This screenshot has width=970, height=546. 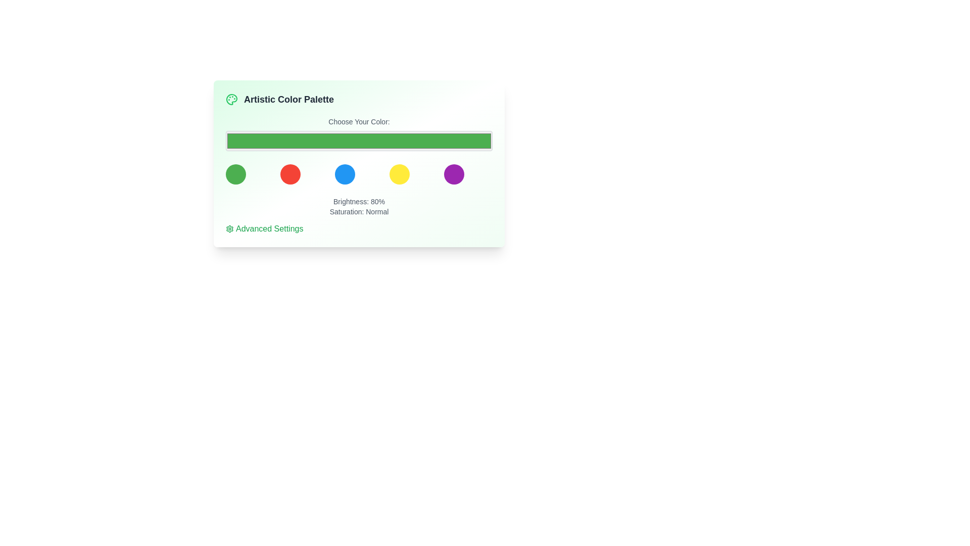 What do you see at coordinates (231, 99) in the screenshot?
I see `the decorative graphical element located at the top-left of the interface, adjacent to the text 'Artistic Color Palette'` at bounding box center [231, 99].